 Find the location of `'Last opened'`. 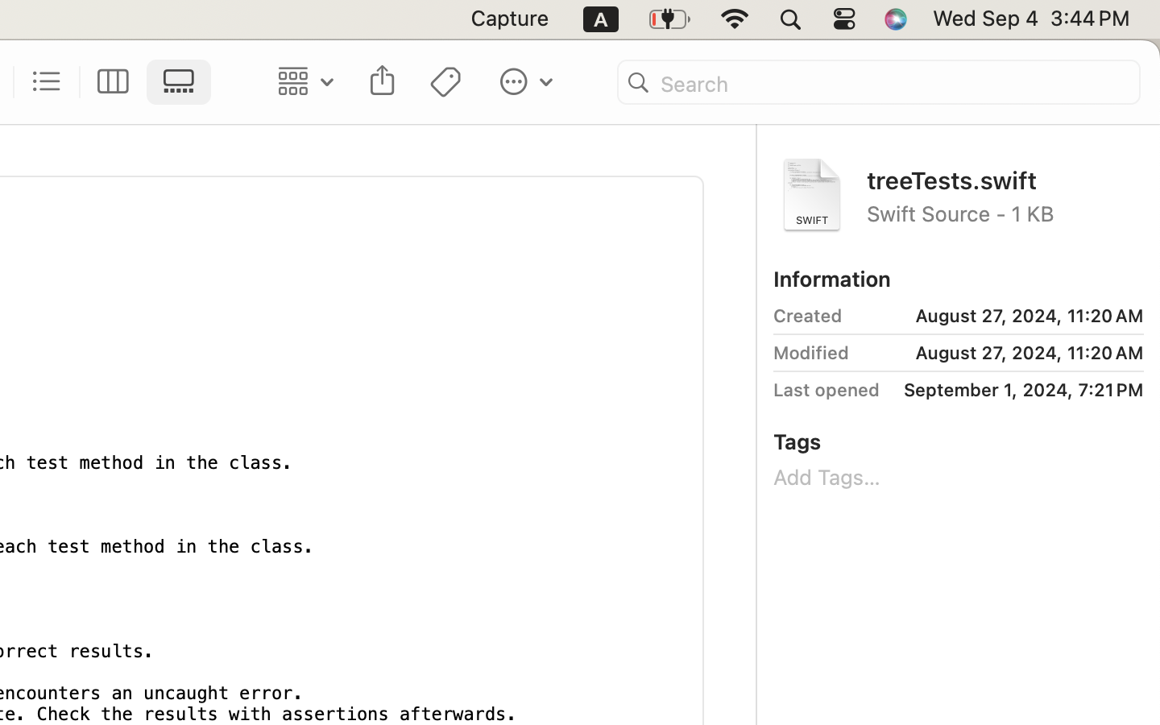

'Last opened' is located at coordinates (826, 389).